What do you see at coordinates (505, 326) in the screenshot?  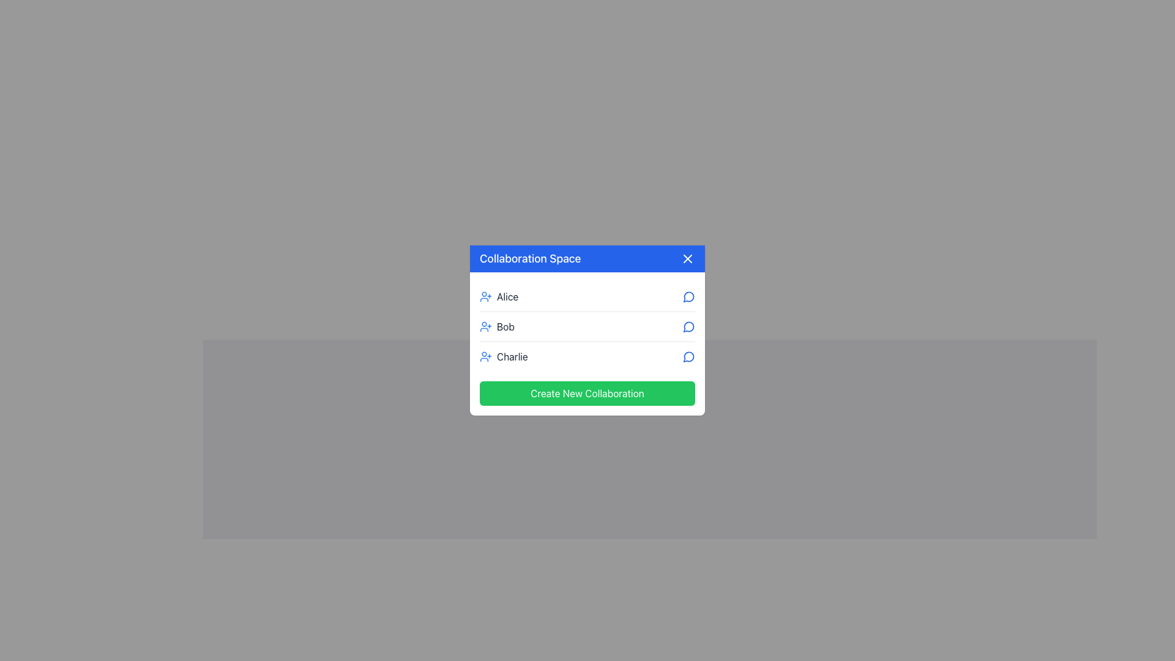 I see `the label displaying the name 'Bob' in bold, dark gray font located in the second row of the list within the 'Collaboration Space' dialog box` at bounding box center [505, 326].